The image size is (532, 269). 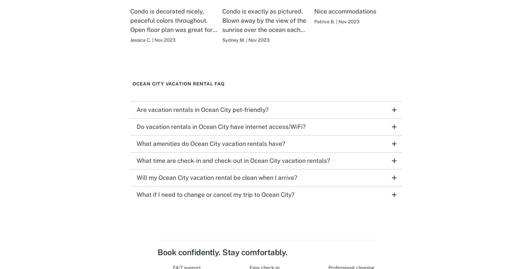 I want to click on 'Patrice B.', so click(x=324, y=21).